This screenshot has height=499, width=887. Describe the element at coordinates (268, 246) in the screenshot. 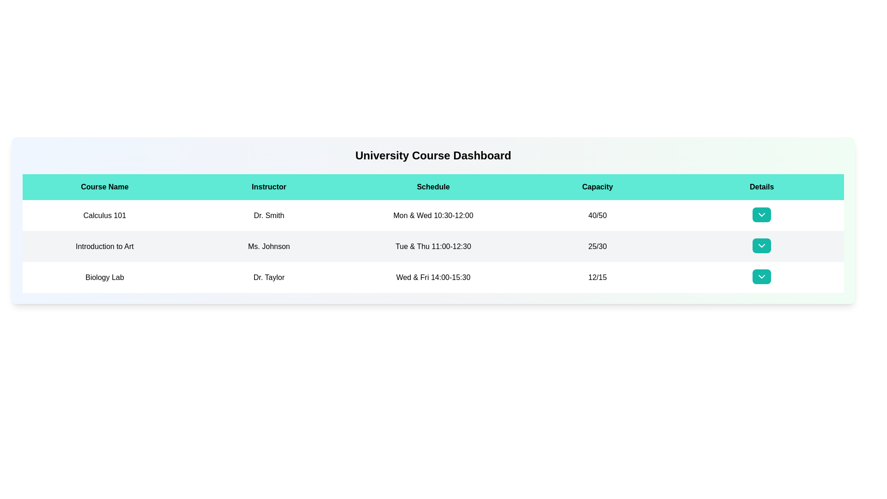

I see `text label that informs the user about the instructor associated with the 'Introduction to Art' course, located in the second cell of the second row under the 'Instructor' column` at that location.